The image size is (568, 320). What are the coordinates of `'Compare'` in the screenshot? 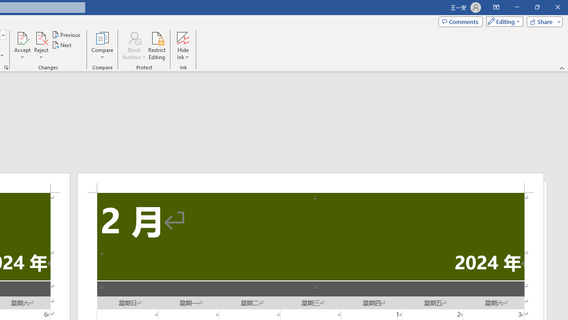 It's located at (103, 46).